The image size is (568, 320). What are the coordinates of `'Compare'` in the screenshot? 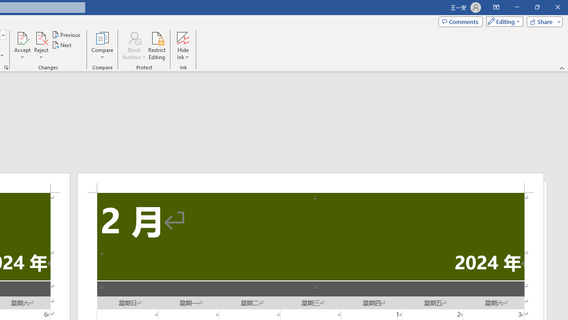 It's located at (103, 46).